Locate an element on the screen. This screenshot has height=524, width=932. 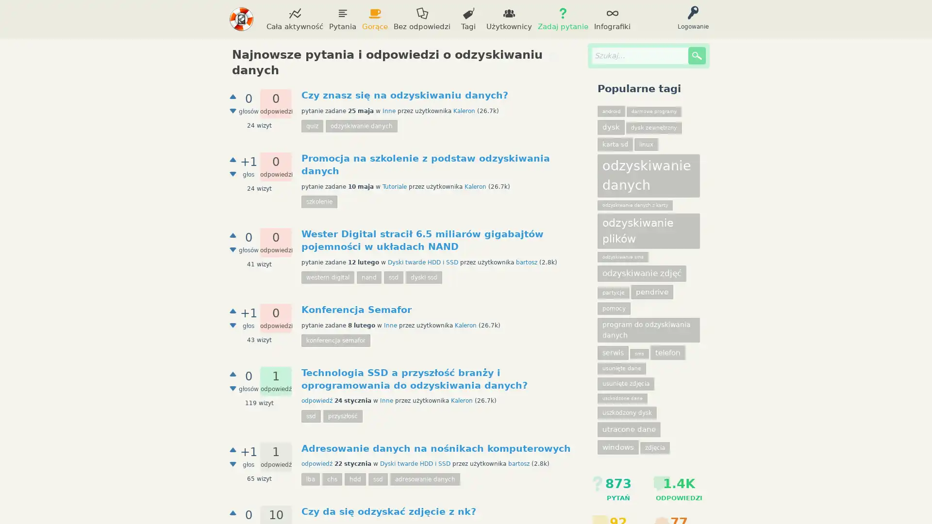
+ is located at coordinates (233, 373).